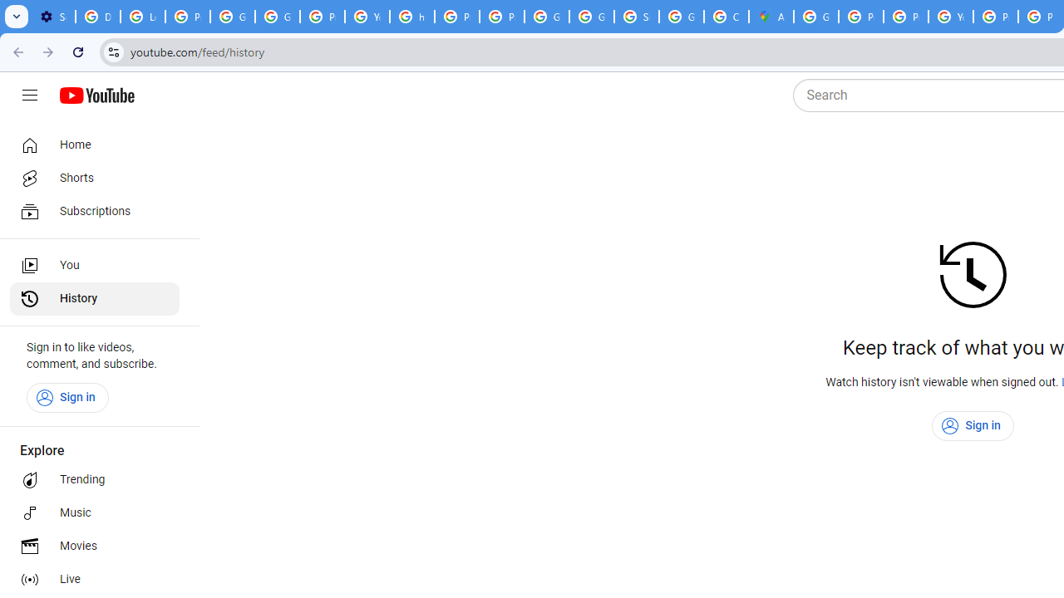  Describe the element at coordinates (93, 579) in the screenshot. I see `'Live'` at that location.